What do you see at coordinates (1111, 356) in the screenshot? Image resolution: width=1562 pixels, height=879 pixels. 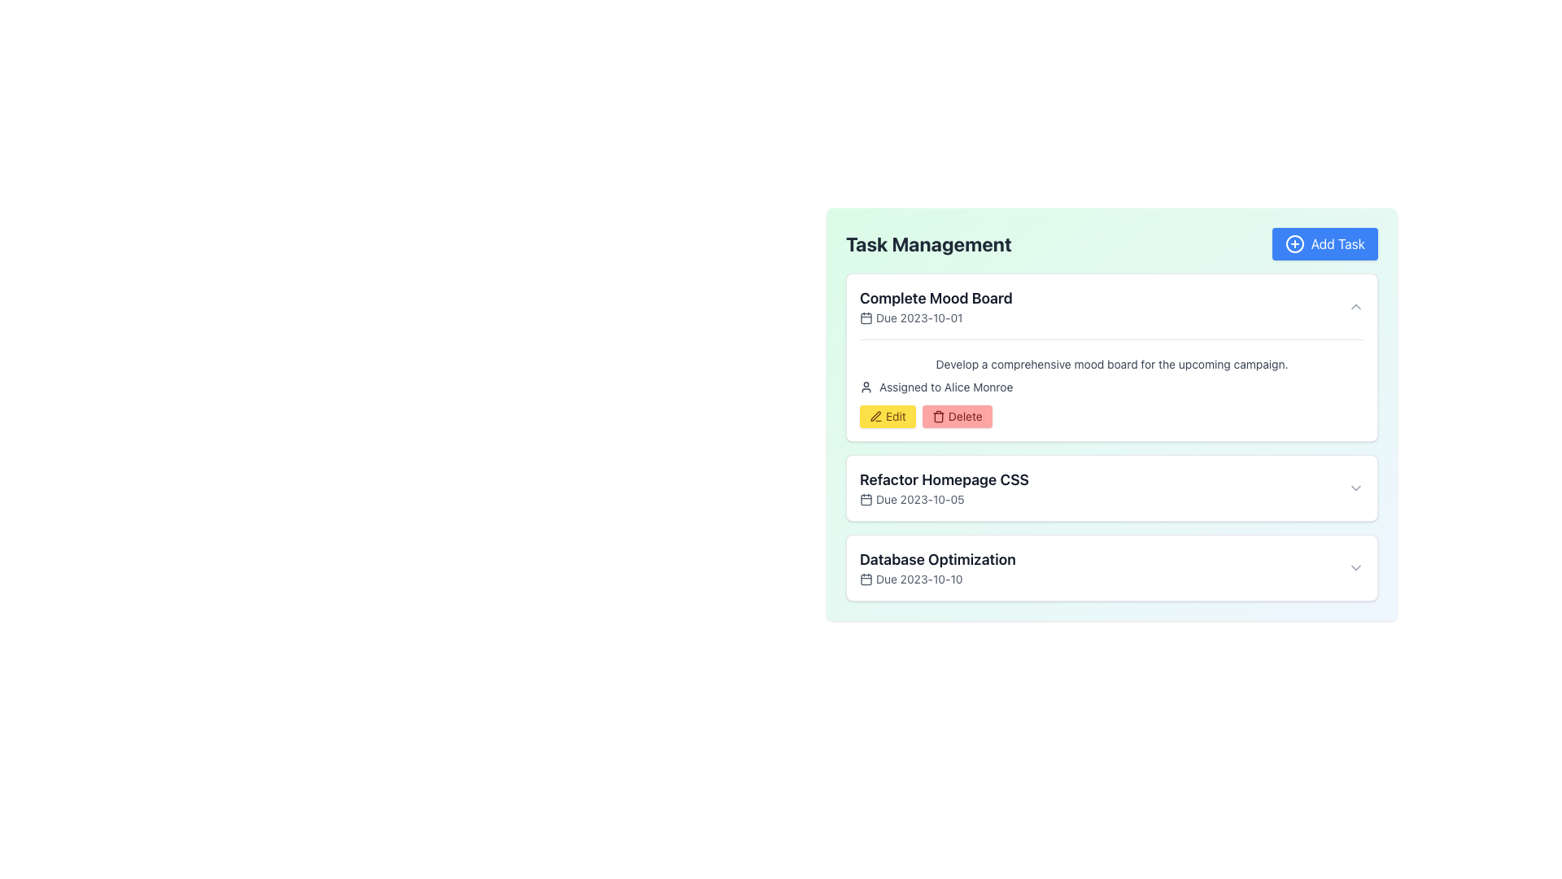 I see `information displayed on the task card for 'Complete Mood Board', which is the first task card in the task list under the 'Task Management' section` at bounding box center [1111, 356].